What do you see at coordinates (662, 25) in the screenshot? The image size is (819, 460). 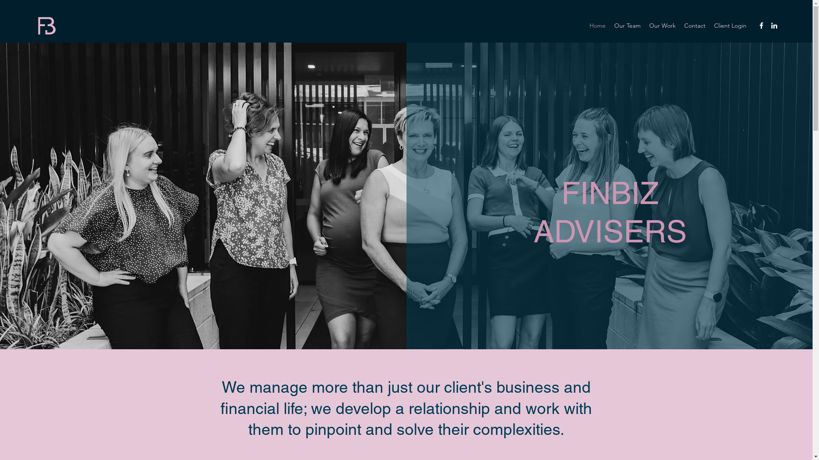 I see `'Our Work'` at bounding box center [662, 25].